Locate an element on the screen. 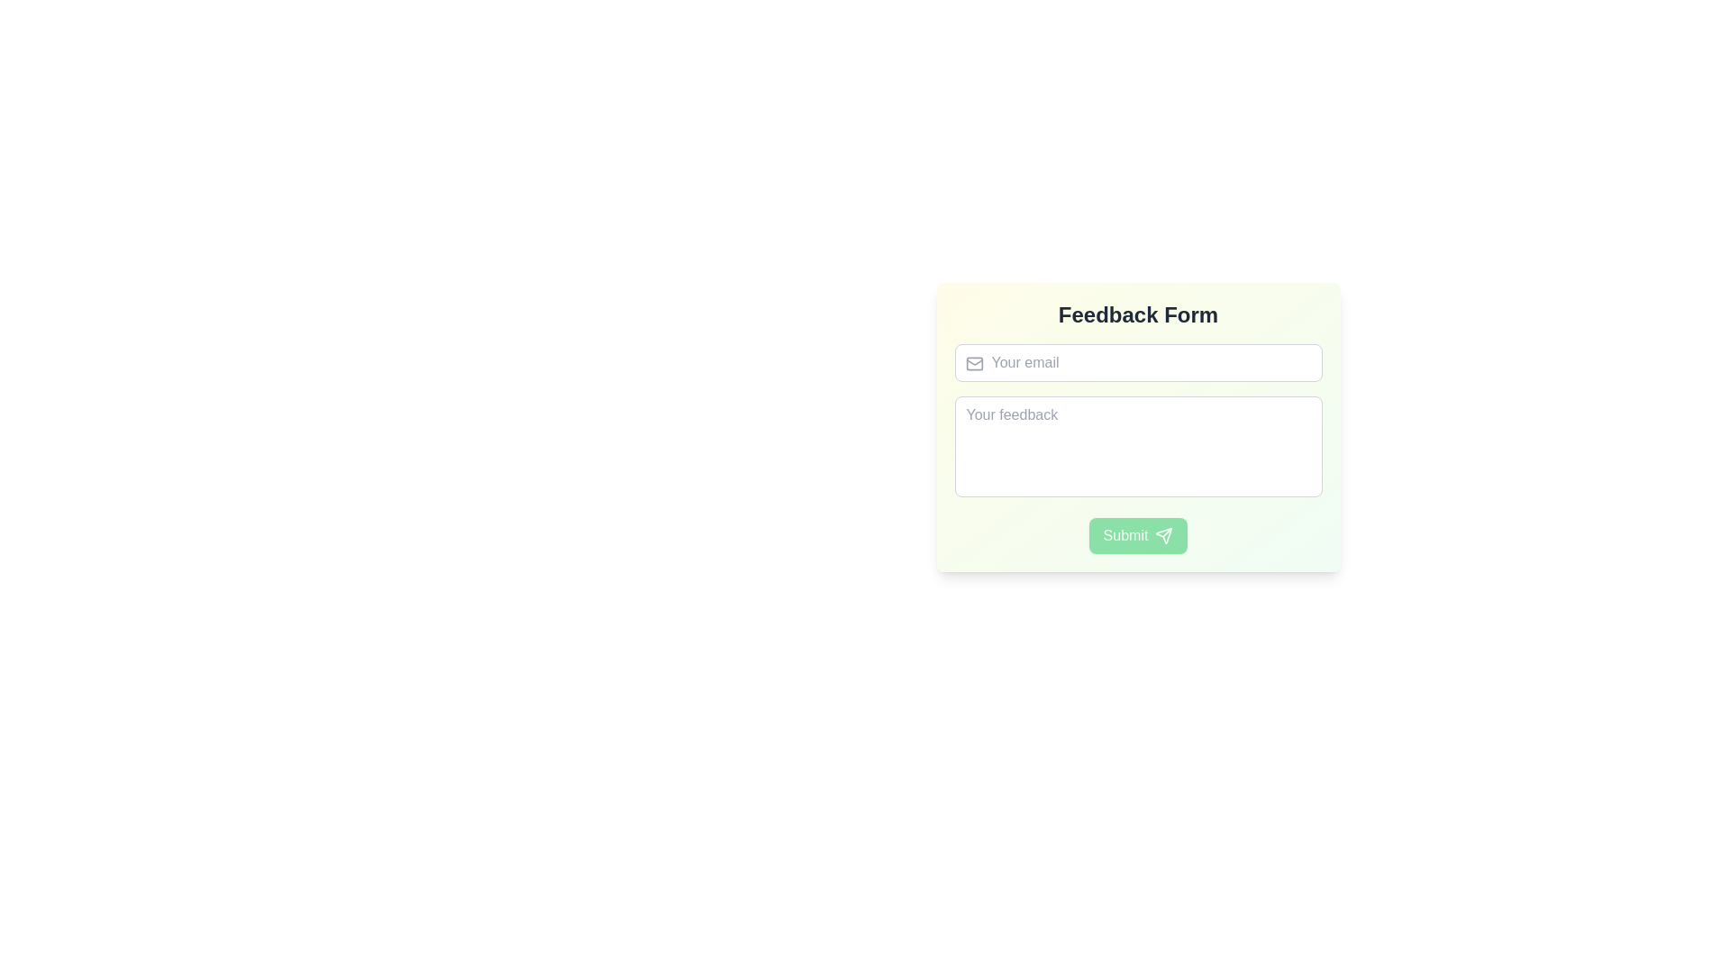 The height and width of the screenshot is (973, 1730). the email icon located at the top-left corner of the 'Your email' input field in the feedback form is located at coordinates (973, 364).